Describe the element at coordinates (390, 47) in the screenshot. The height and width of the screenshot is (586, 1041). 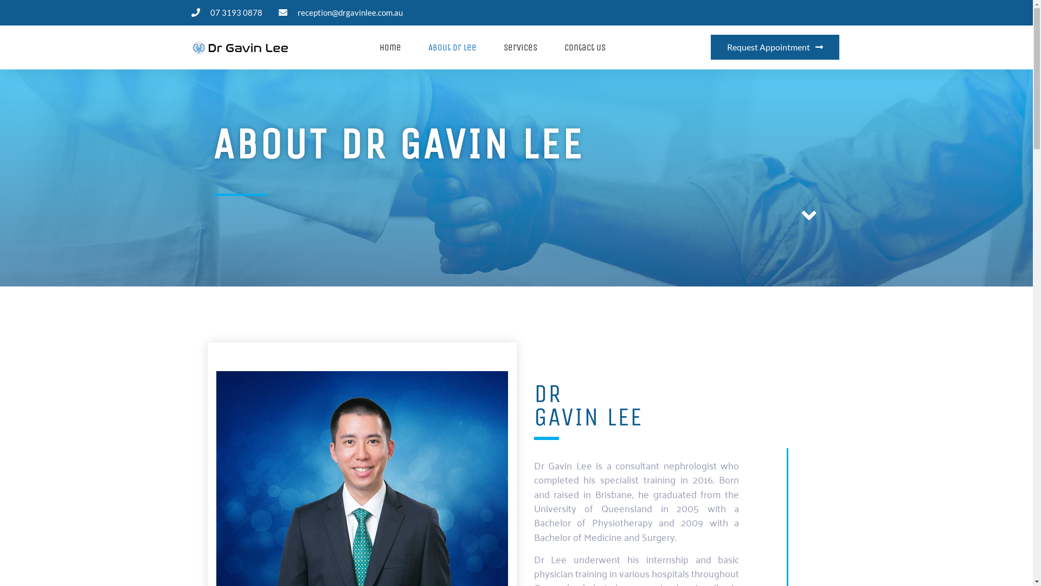
I see `'Home'` at that location.